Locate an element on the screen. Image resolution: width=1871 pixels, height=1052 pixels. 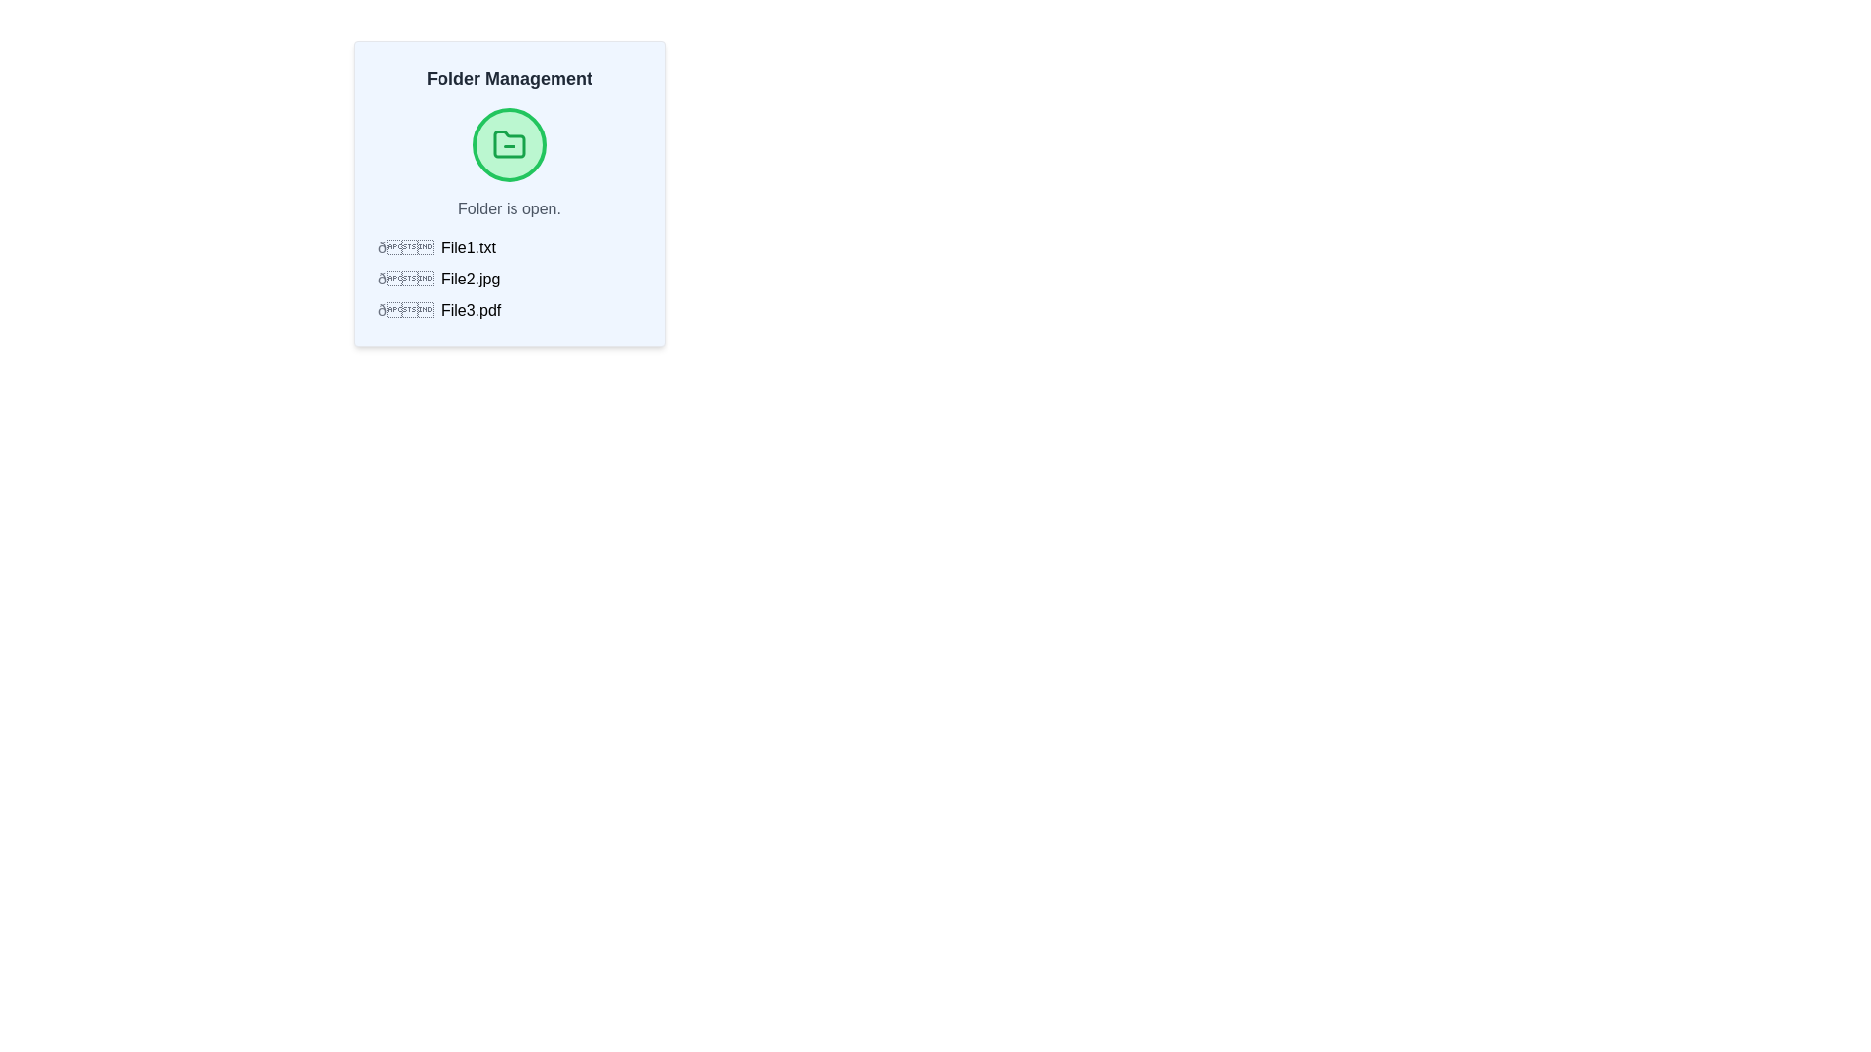
the static text that displays 'Folder is open.' located in the center of a light blue card layout, positioned below a green folder icon is located at coordinates (510, 209).